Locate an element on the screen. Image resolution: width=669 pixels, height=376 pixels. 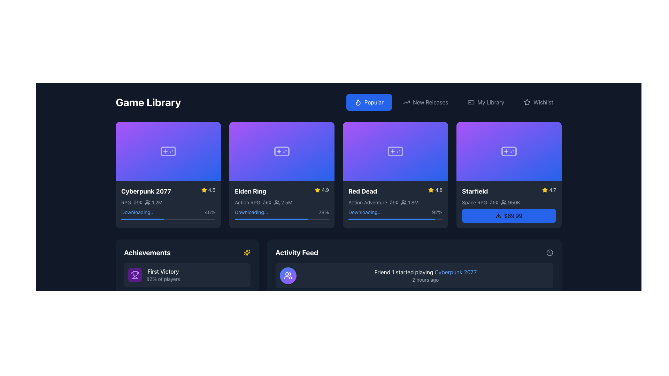
the graphical card component representing 'Red Dead' in the Game Library section is located at coordinates (395, 151).